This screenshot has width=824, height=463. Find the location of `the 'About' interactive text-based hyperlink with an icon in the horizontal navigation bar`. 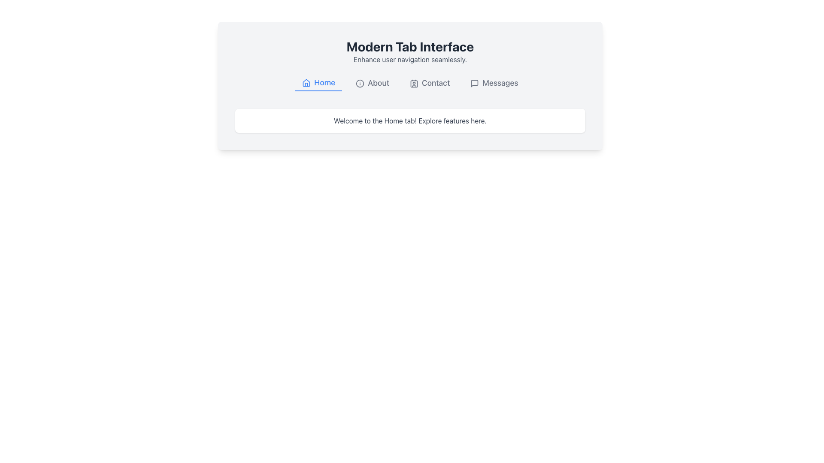

the 'About' interactive text-based hyperlink with an icon in the horizontal navigation bar is located at coordinates (373, 83).